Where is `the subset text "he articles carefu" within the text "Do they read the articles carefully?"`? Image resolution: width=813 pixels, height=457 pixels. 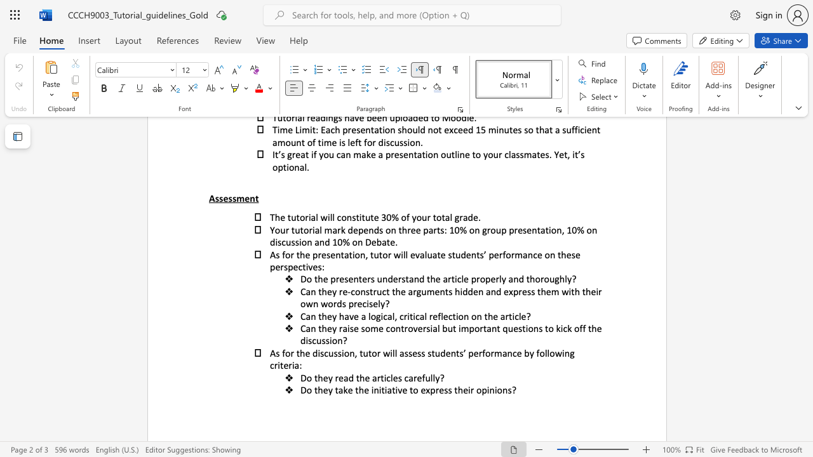 the subset text "he articles carefu" within the text "Do they read the articles carefully?" is located at coordinates (359, 377).